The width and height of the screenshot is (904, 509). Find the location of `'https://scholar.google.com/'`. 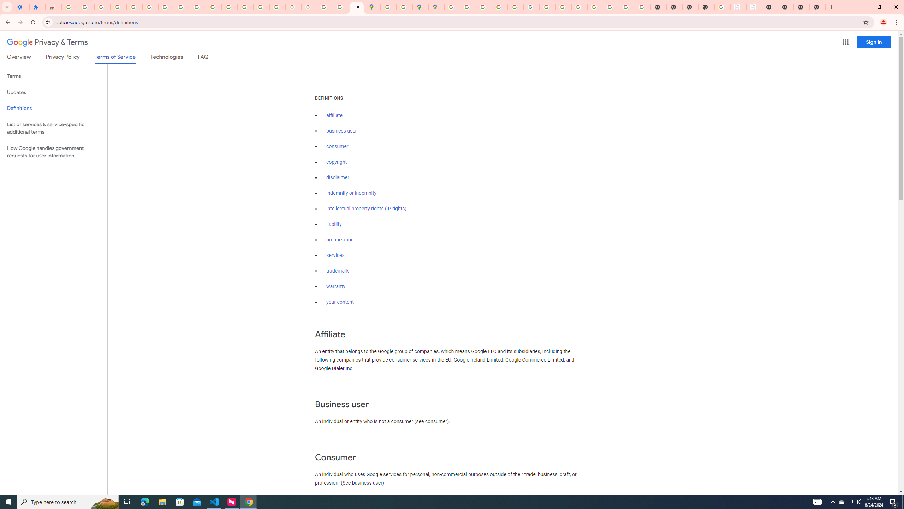

'https://scholar.google.com/' is located at coordinates (229, 7).